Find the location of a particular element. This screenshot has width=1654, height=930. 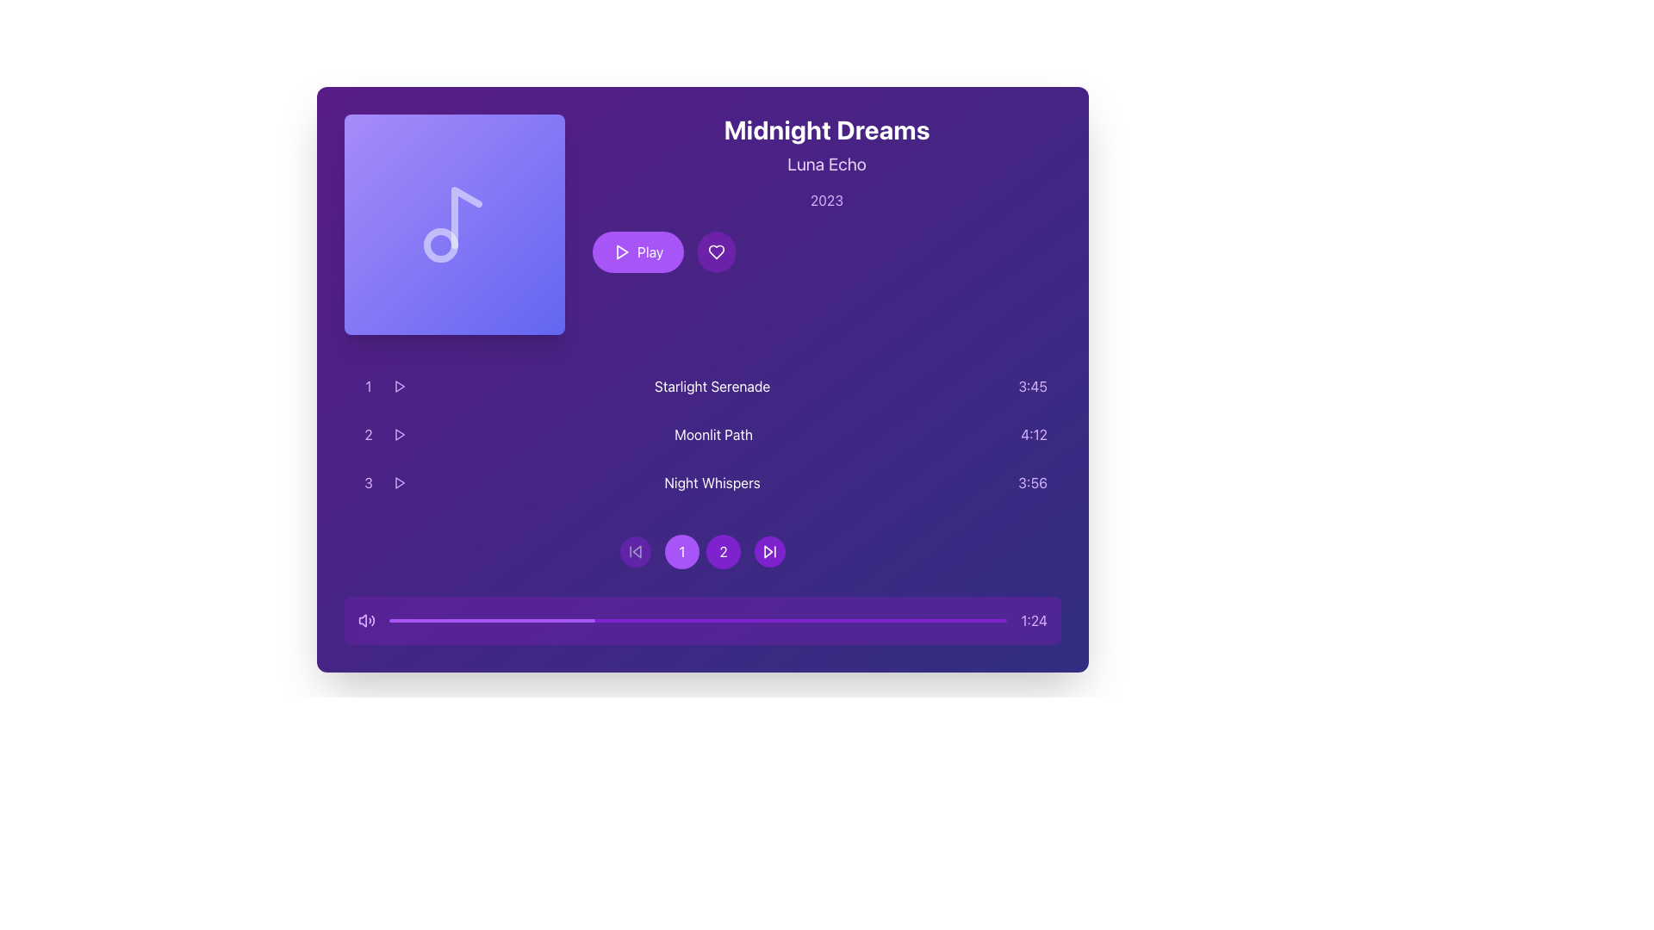

the progress bar of the media player to jump to a specific playback position is located at coordinates (703, 621).